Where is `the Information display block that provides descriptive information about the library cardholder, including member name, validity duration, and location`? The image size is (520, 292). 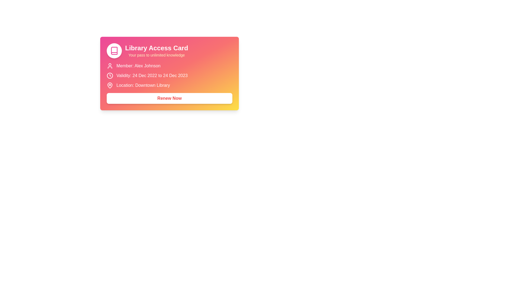 the Information display block that provides descriptive information about the library cardholder, including member name, validity duration, and location is located at coordinates (169, 76).